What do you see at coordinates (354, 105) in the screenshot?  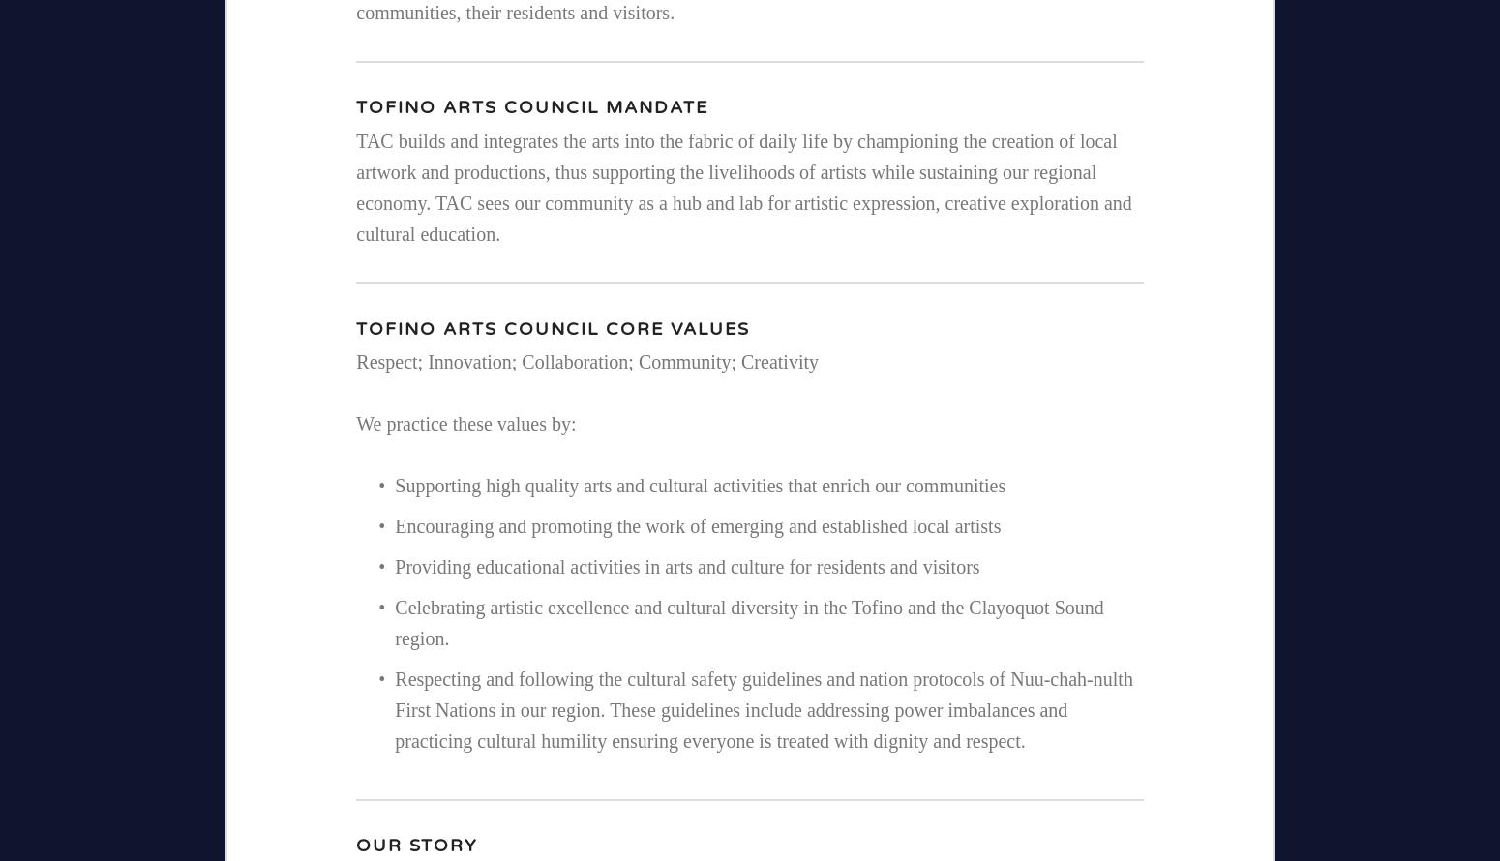 I see `'Tofino Arts Council Mandate'` at bounding box center [354, 105].